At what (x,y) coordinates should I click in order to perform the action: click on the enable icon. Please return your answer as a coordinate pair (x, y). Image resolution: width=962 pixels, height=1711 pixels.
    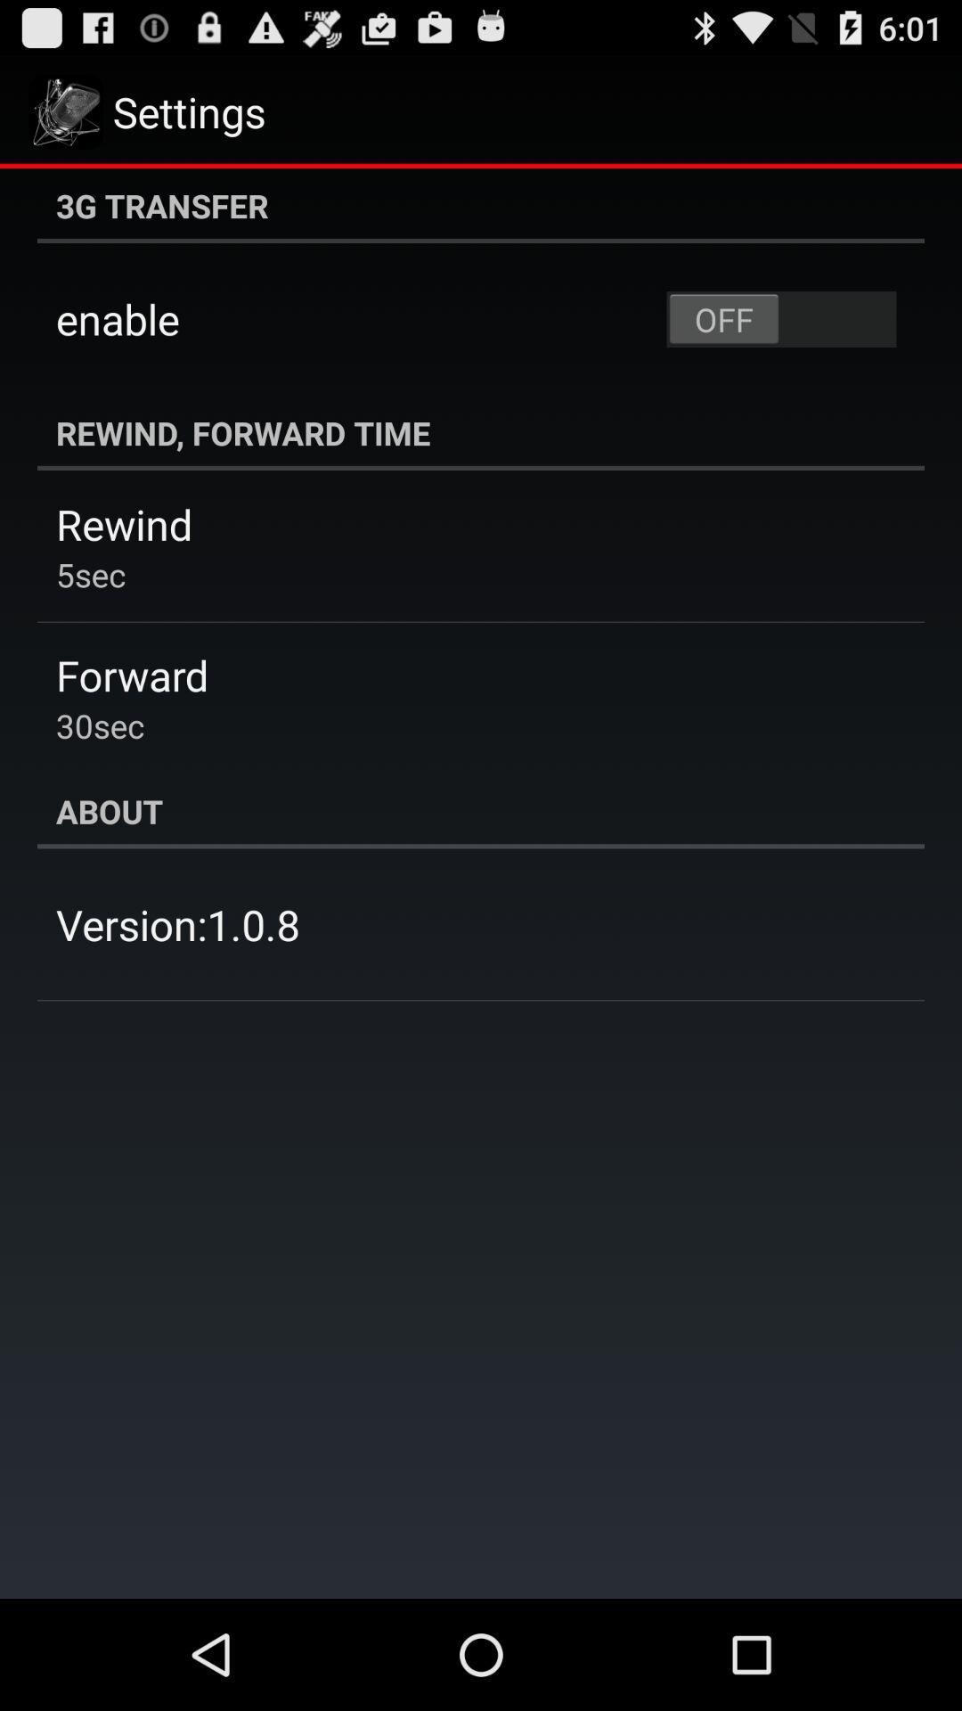
    Looking at the image, I should click on (118, 319).